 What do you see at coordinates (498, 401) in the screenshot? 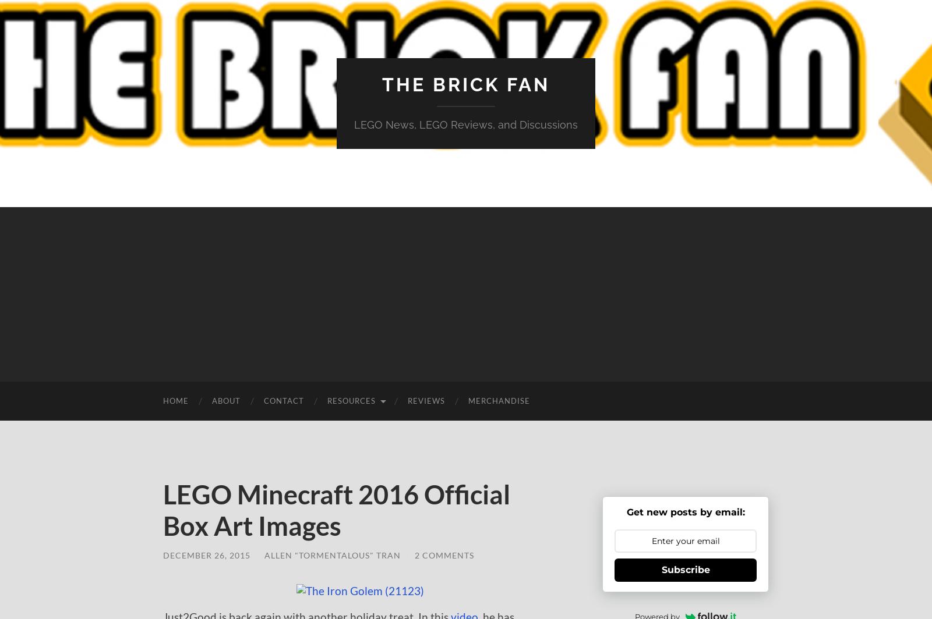
I see `'Merchandise'` at bounding box center [498, 401].